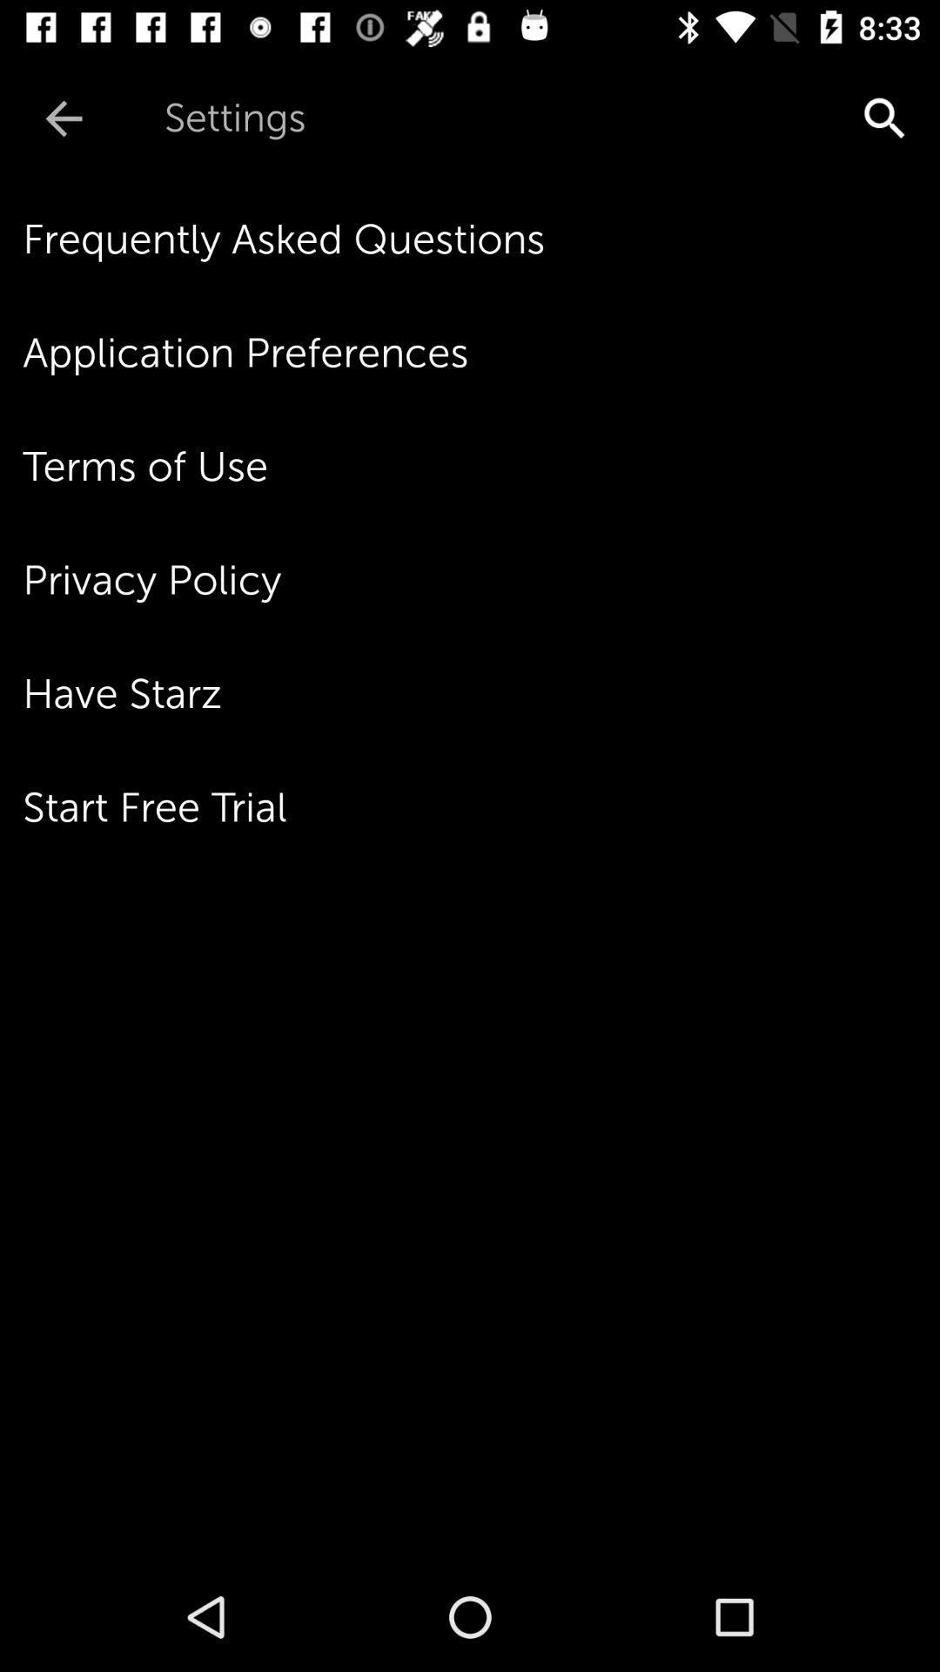  What do you see at coordinates (481, 693) in the screenshot?
I see `have starz icon` at bounding box center [481, 693].